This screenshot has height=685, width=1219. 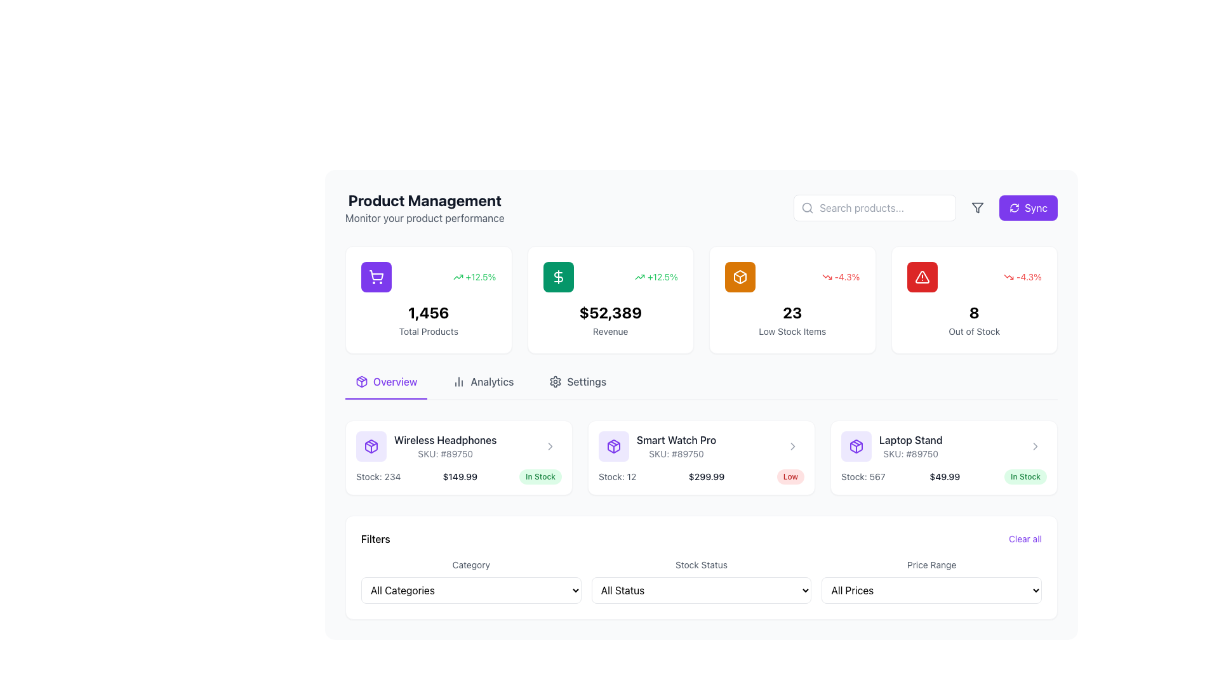 What do you see at coordinates (376, 276) in the screenshot?
I see `the 'Total Products' icon button located in the top-left part of the dashboard overview section` at bounding box center [376, 276].